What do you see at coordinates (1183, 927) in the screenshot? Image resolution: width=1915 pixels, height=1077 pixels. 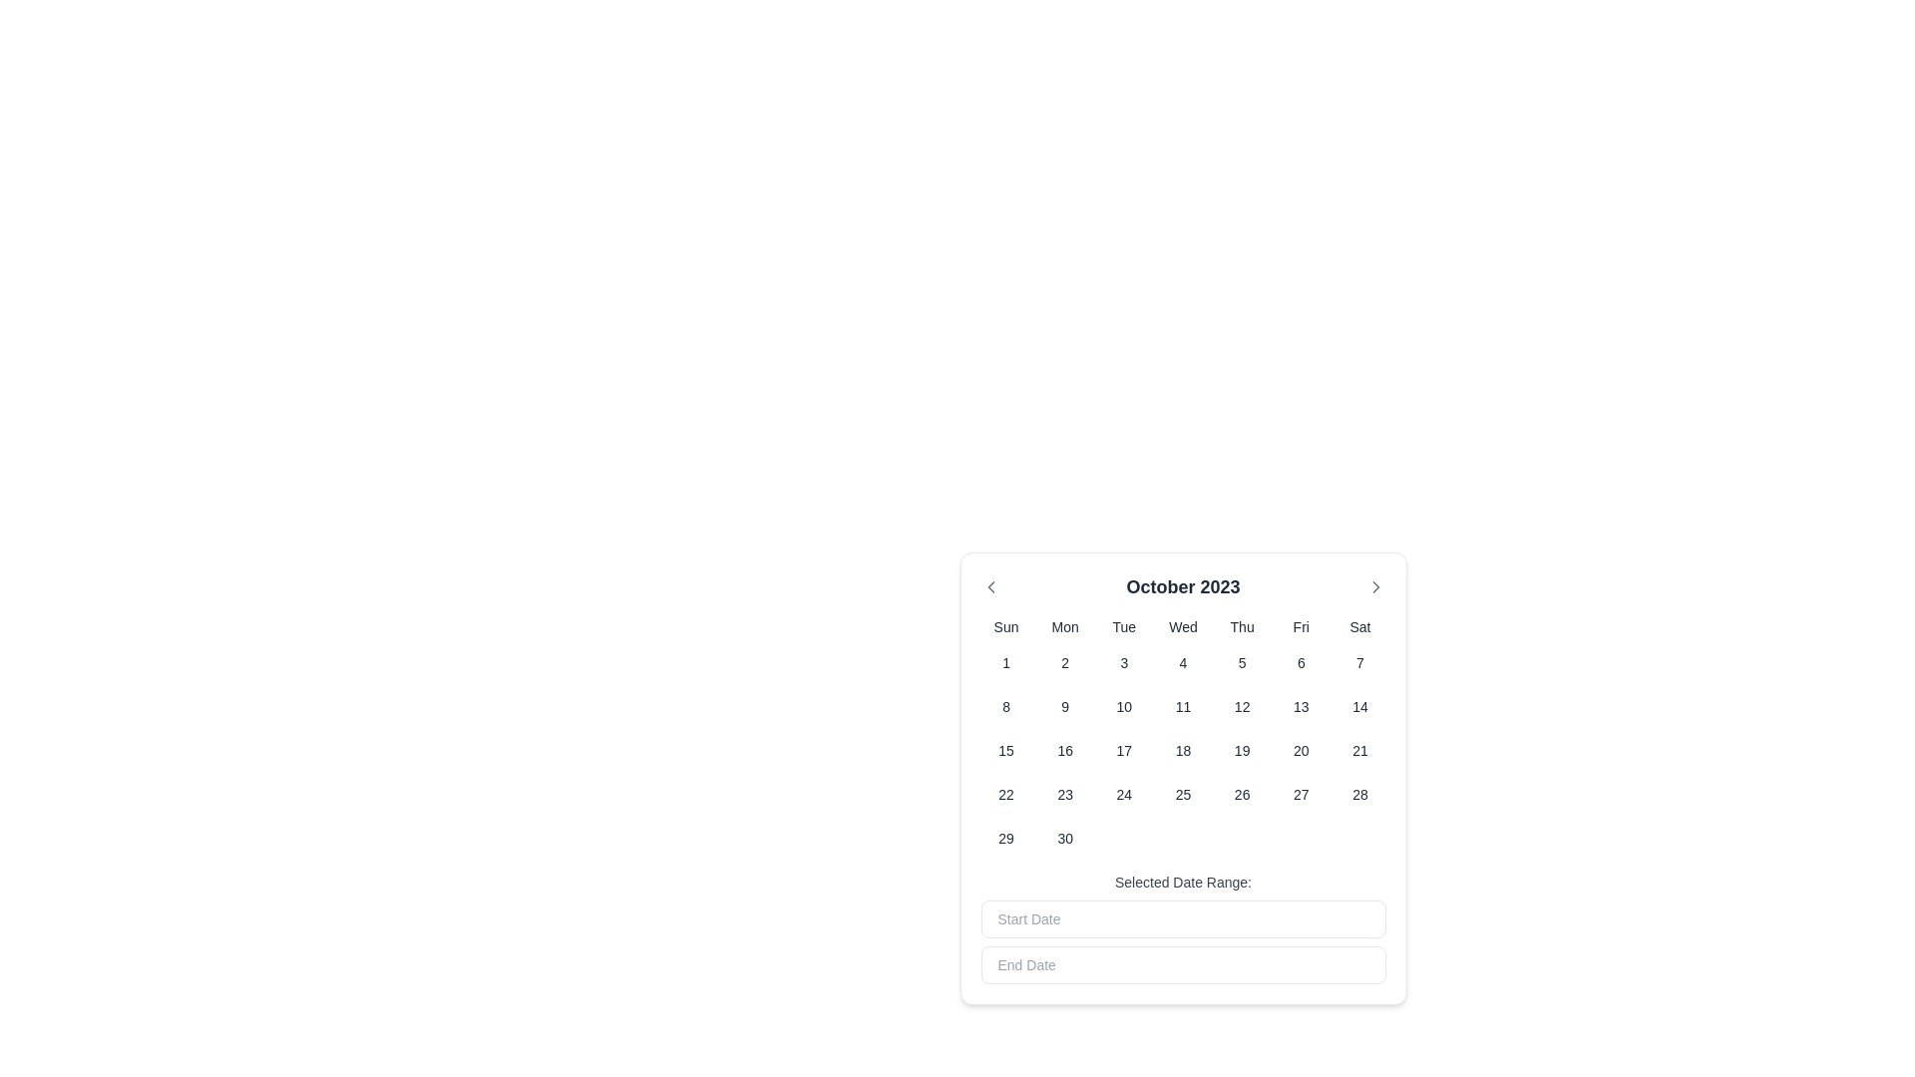 I see `the first input box of the 'Selected Date Range:' section located beneath the calendar in the lower section of the calendar widget` at bounding box center [1183, 927].